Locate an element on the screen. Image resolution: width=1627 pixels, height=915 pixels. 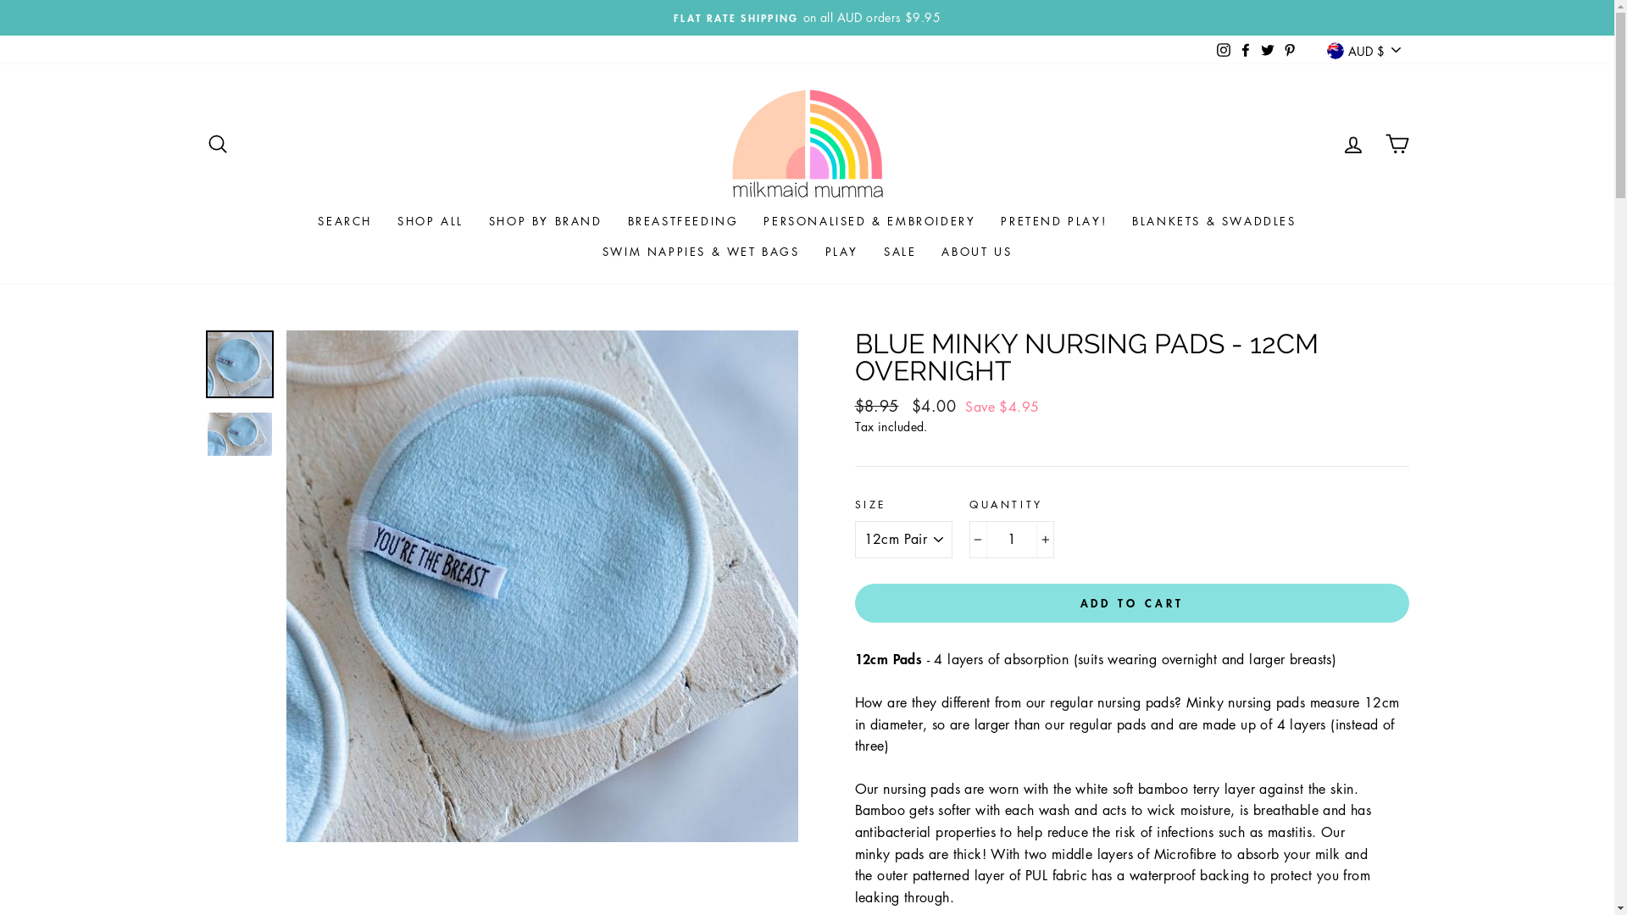
'SWIM NAPPIES & WET BAGS' is located at coordinates (701, 252).